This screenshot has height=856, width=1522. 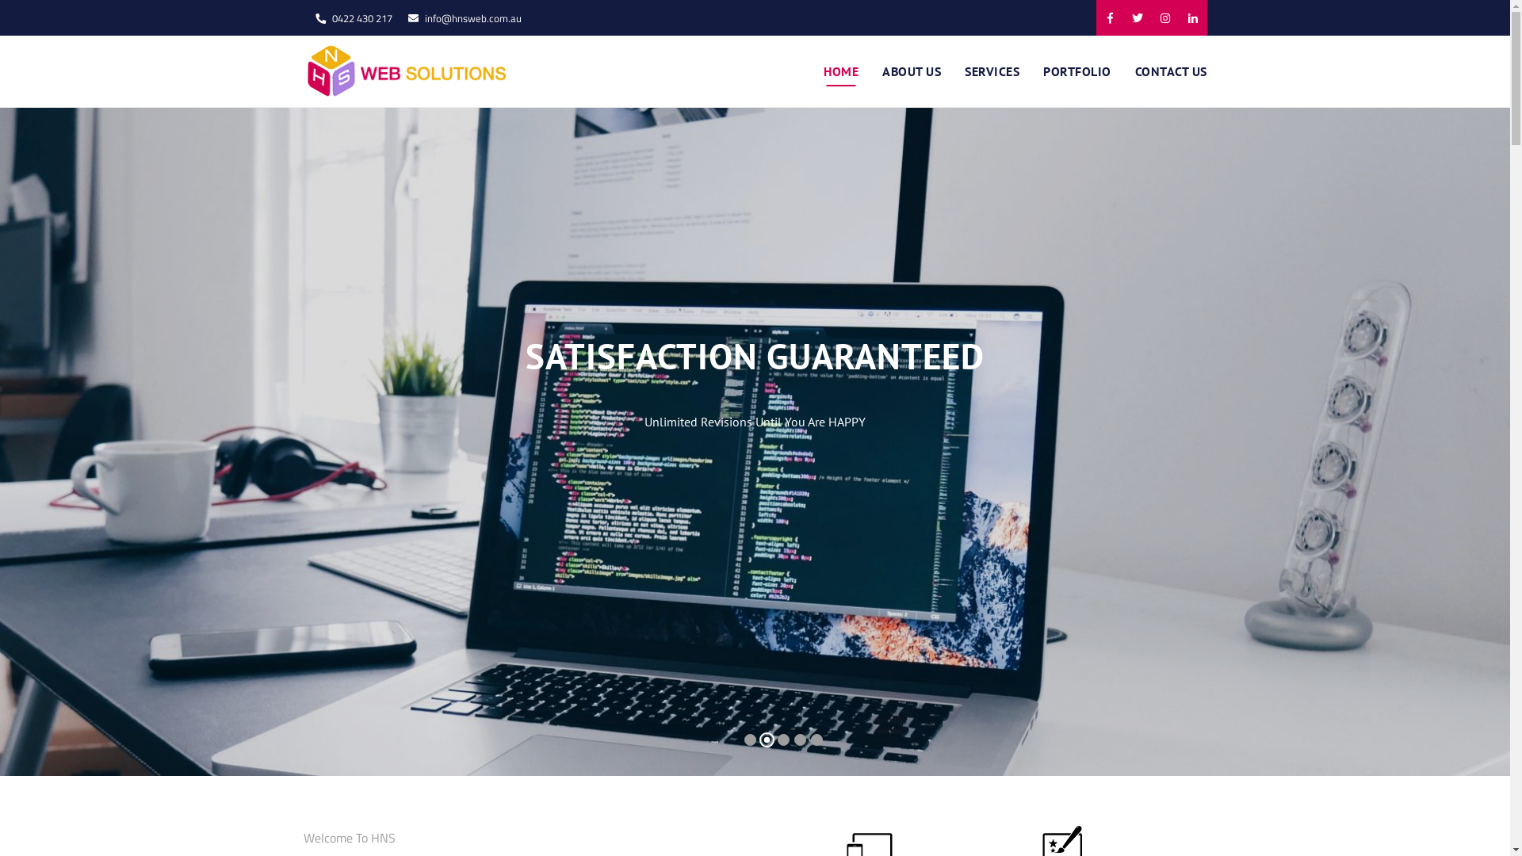 I want to click on 'SERVICES', so click(x=991, y=70).